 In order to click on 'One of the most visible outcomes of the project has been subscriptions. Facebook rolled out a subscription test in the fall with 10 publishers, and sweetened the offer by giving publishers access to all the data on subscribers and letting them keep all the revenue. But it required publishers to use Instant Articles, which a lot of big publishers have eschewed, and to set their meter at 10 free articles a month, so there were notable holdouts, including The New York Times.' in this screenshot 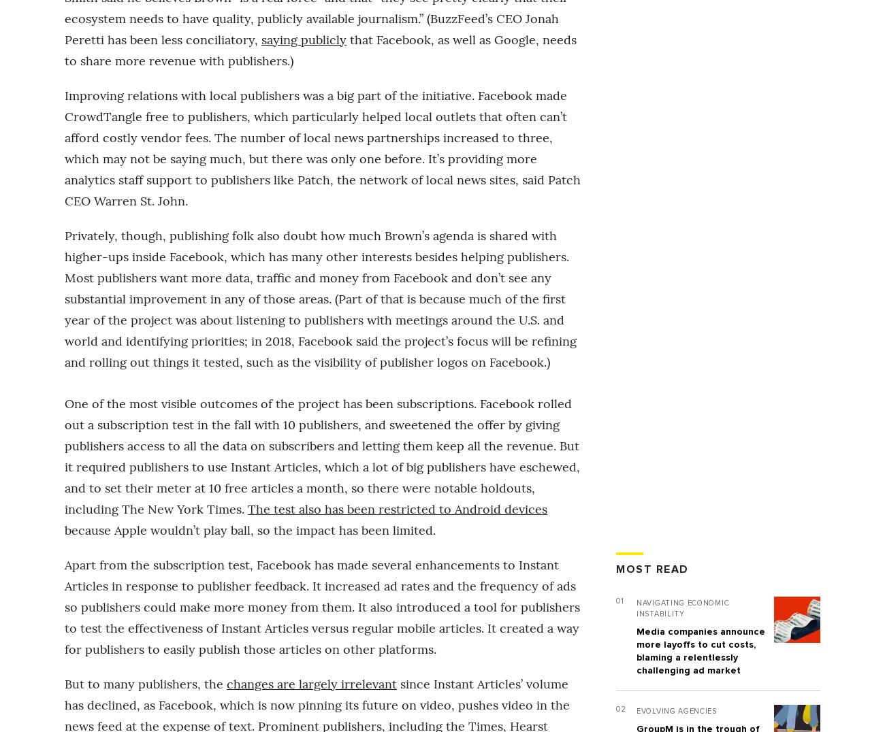, I will do `click(321, 455)`.